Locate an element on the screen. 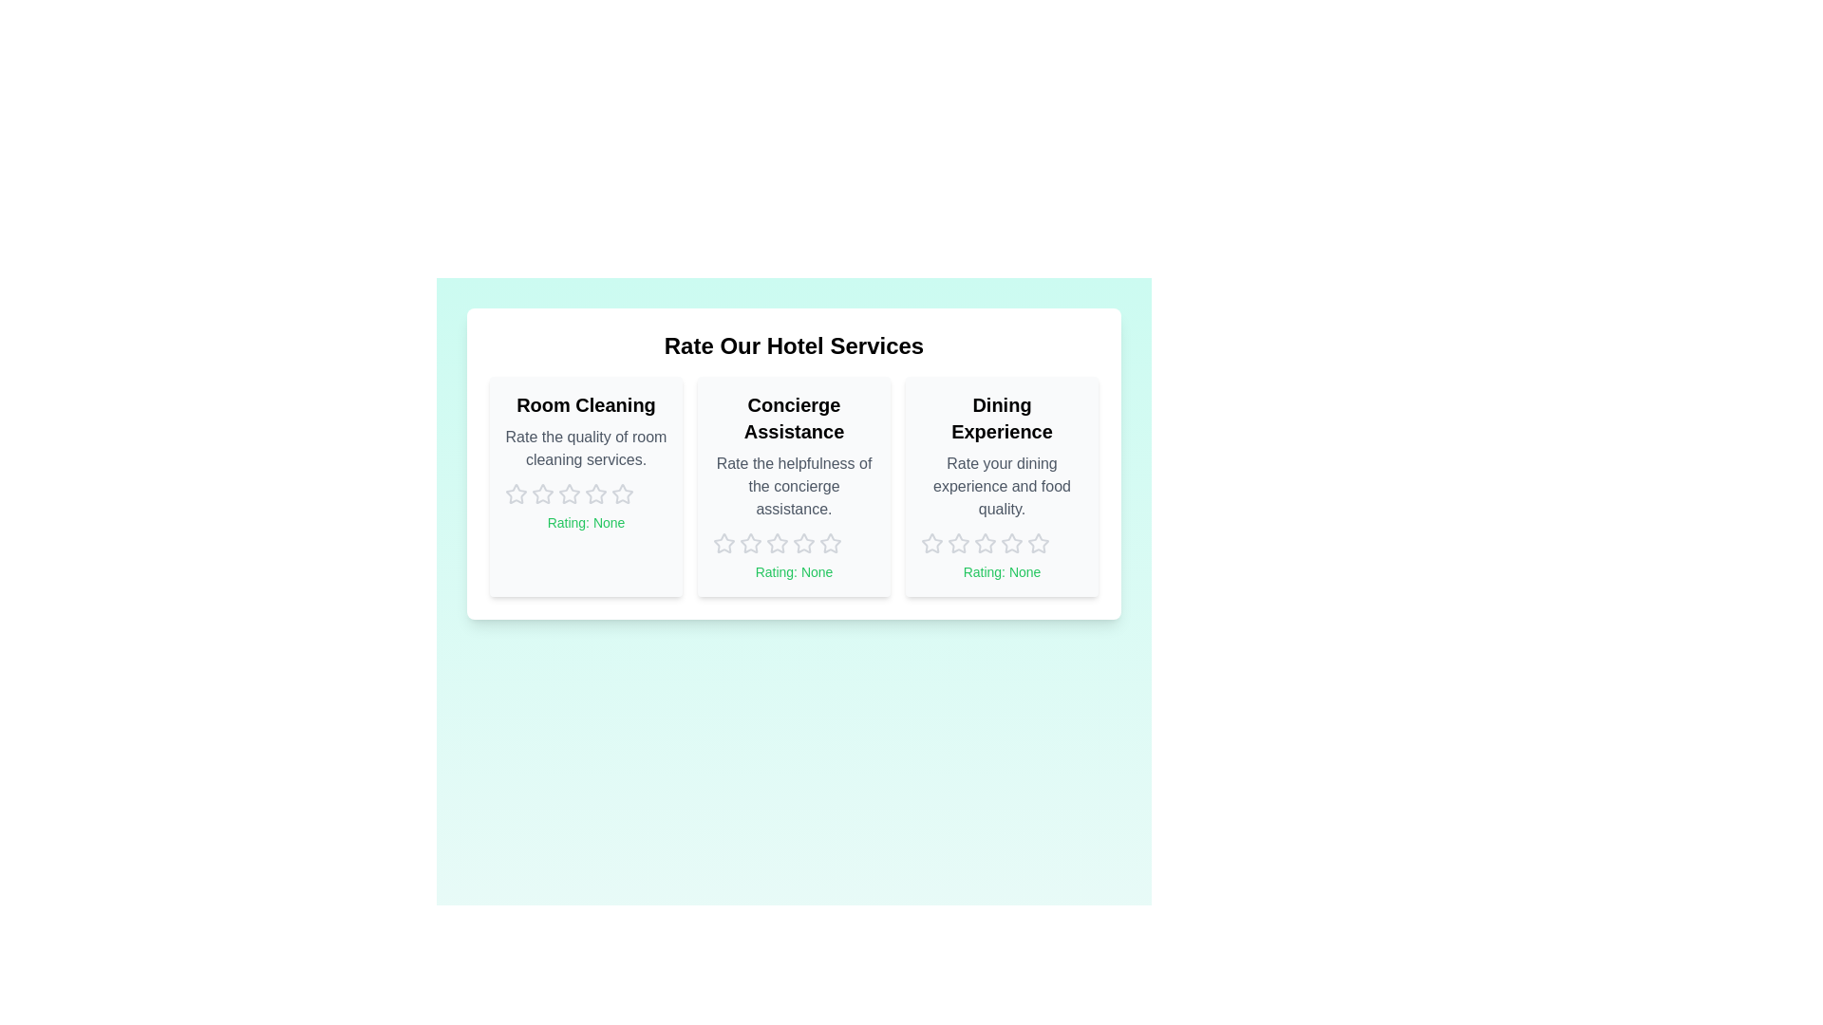  the rating for 'Room Cleaning' to 2 stars is located at coordinates (541, 493).